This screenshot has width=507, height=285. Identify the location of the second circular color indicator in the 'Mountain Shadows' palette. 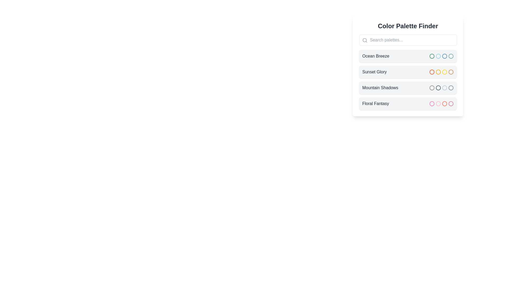
(438, 87).